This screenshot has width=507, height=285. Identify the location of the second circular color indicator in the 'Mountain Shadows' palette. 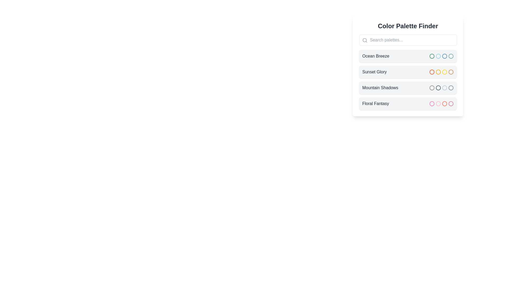
(438, 87).